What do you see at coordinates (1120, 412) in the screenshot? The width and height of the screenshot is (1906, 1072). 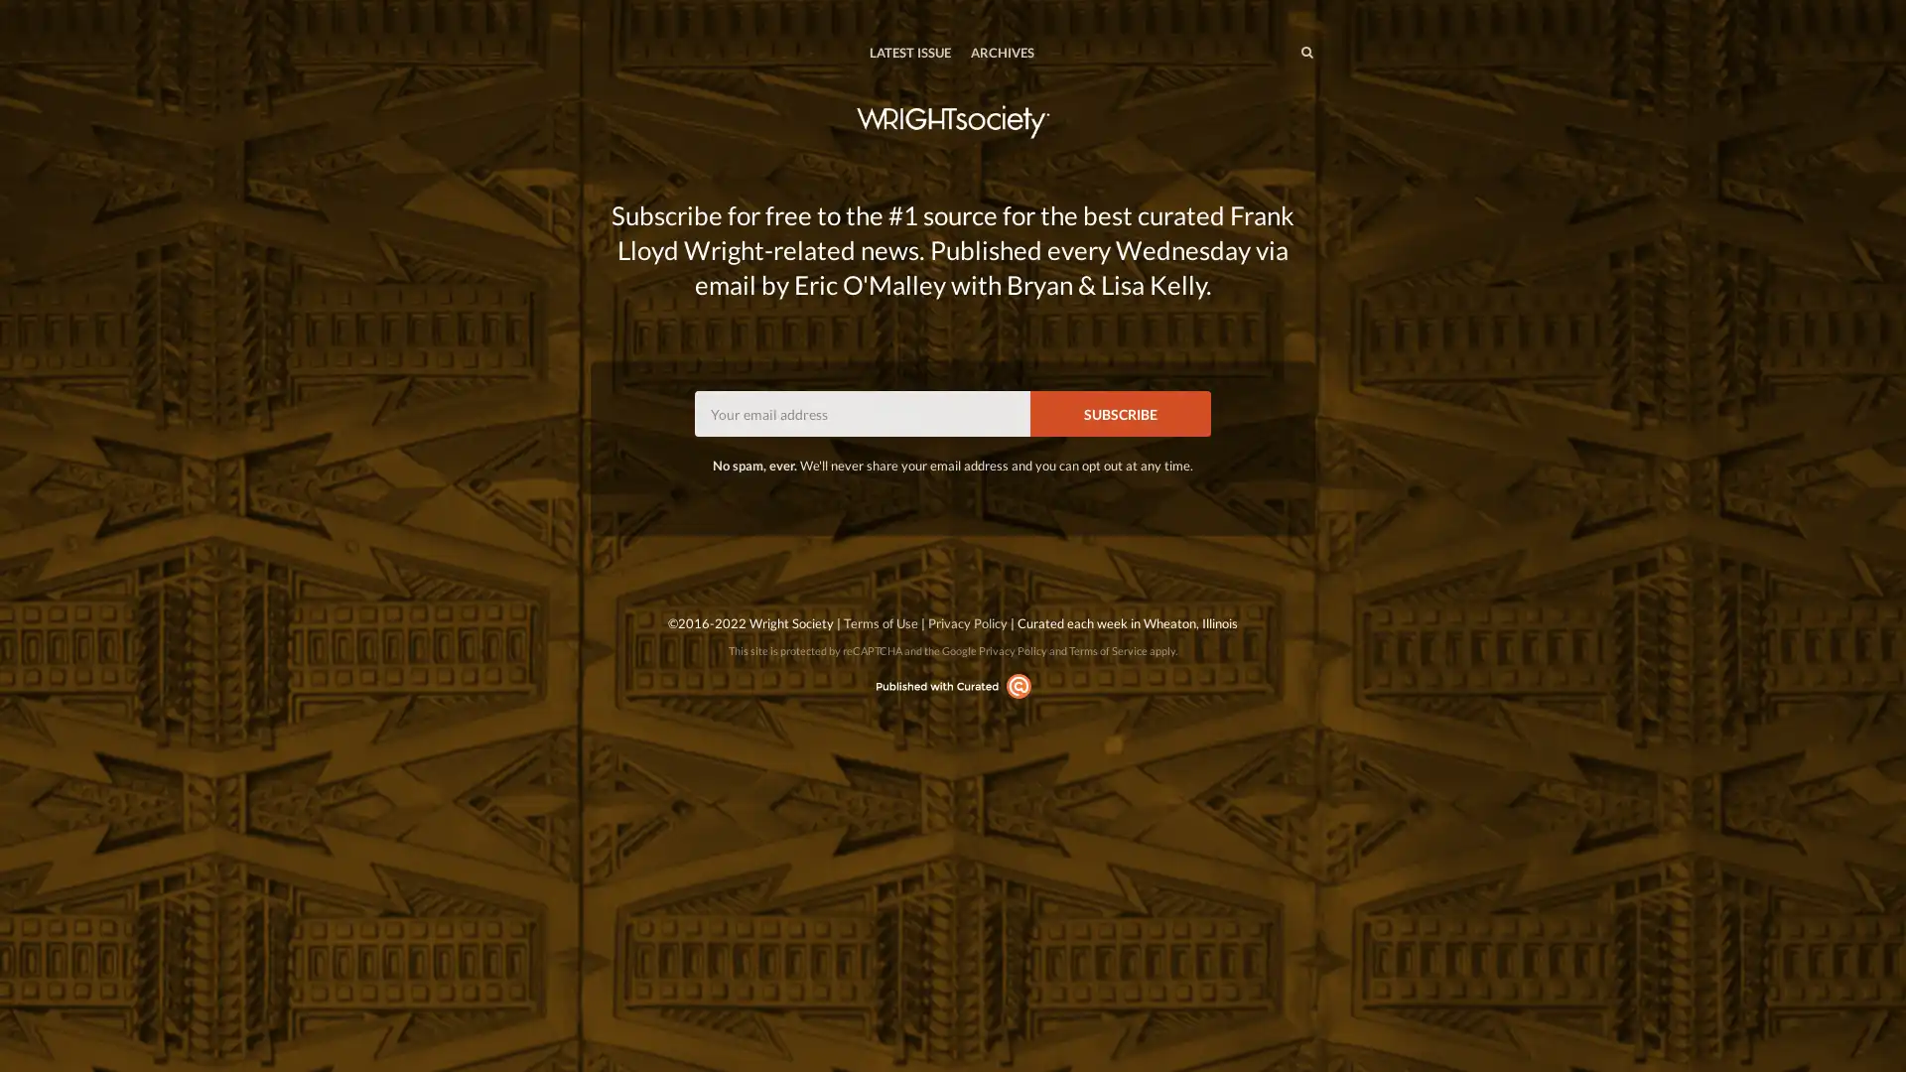 I see `SUBSCRIBE` at bounding box center [1120, 412].